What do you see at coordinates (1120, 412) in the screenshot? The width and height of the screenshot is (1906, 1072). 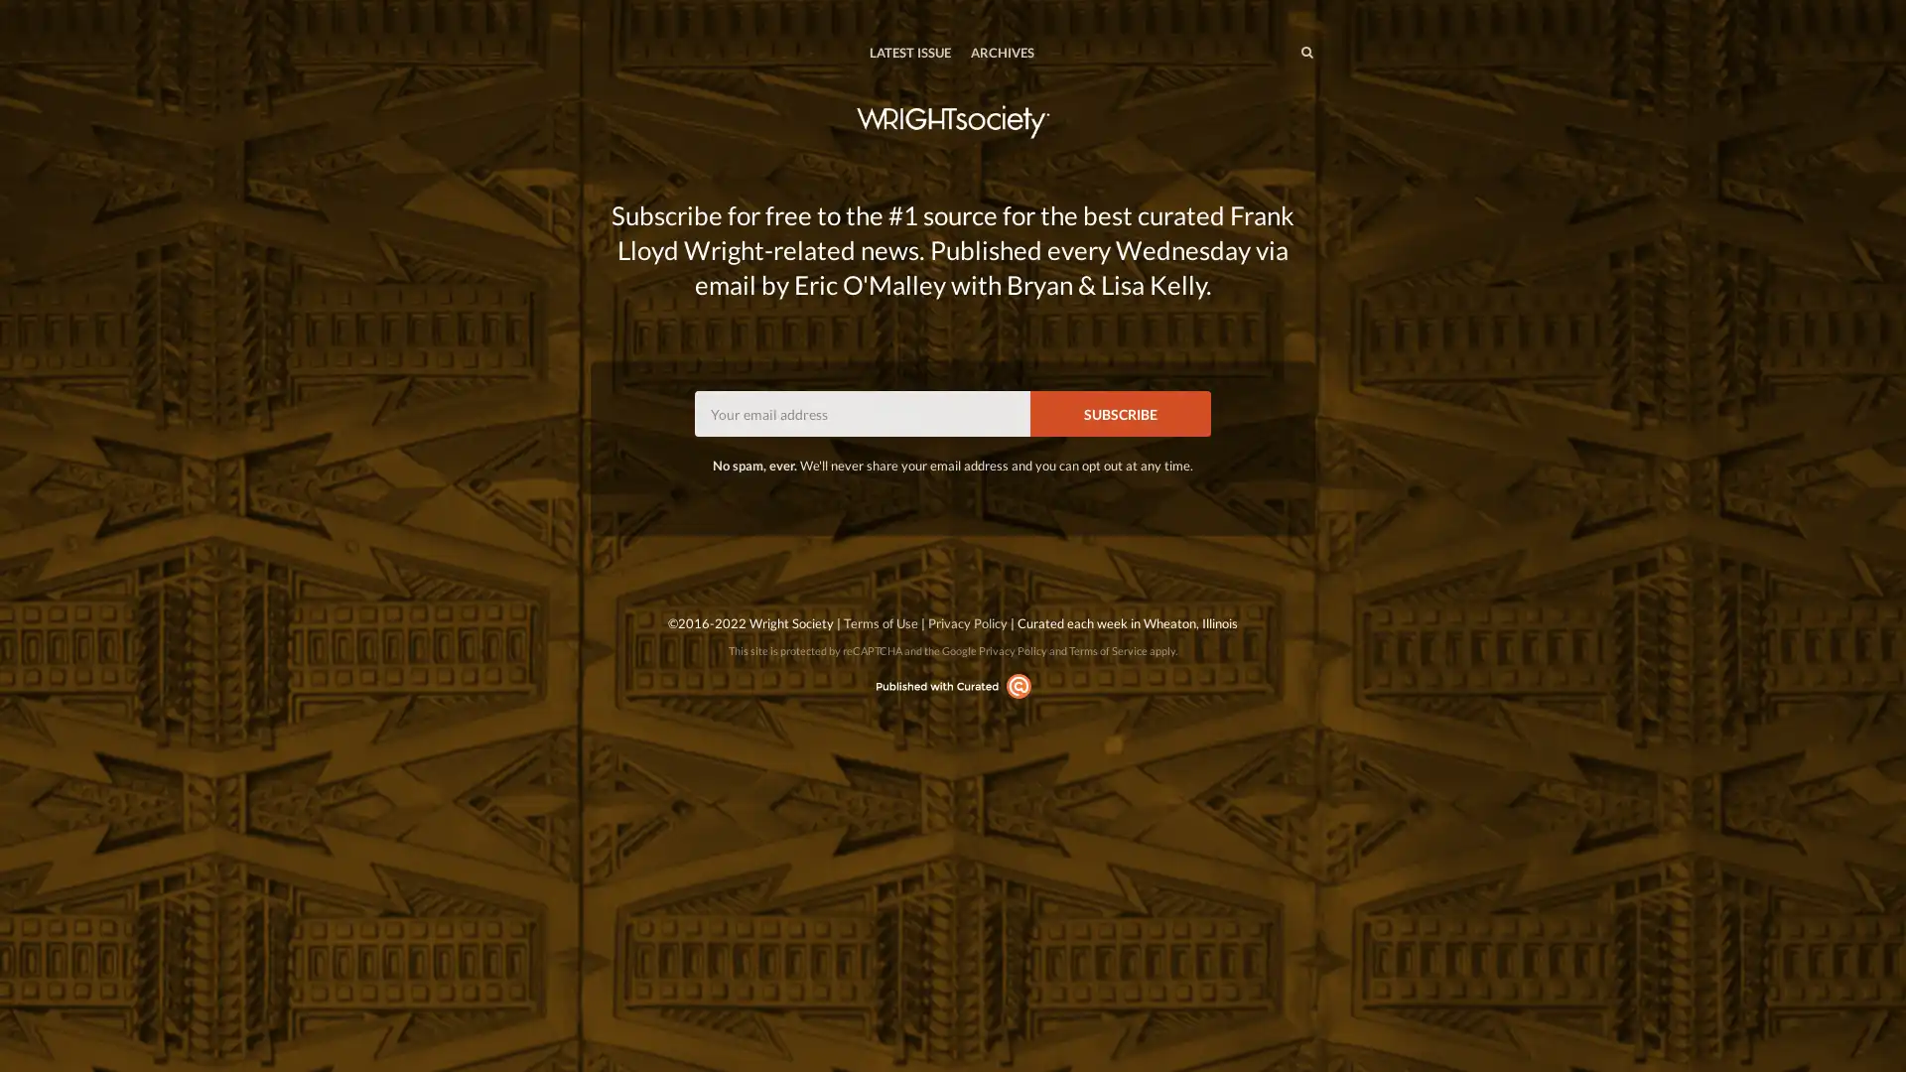 I see `SUBSCRIBE` at bounding box center [1120, 412].